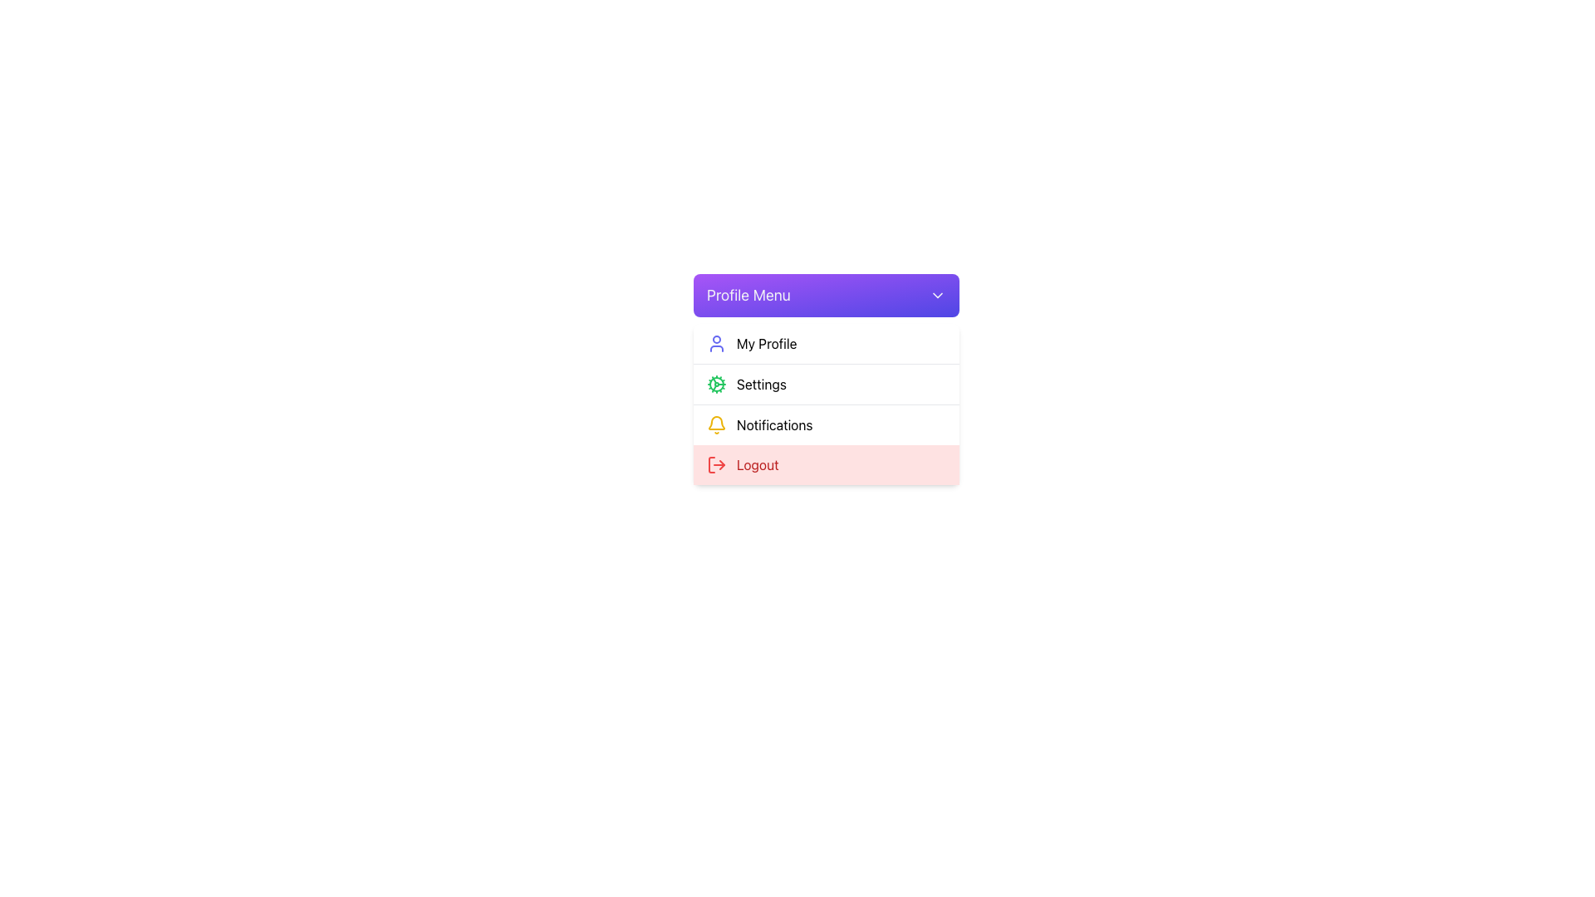 The image size is (1595, 897). What do you see at coordinates (826, 384) in the screenshot?
I see `the 'Settings' option in the navigation Menu Box, which is located below the 'Profile Menu' and above the 'Logout' option` at bounding box center [826, 384].